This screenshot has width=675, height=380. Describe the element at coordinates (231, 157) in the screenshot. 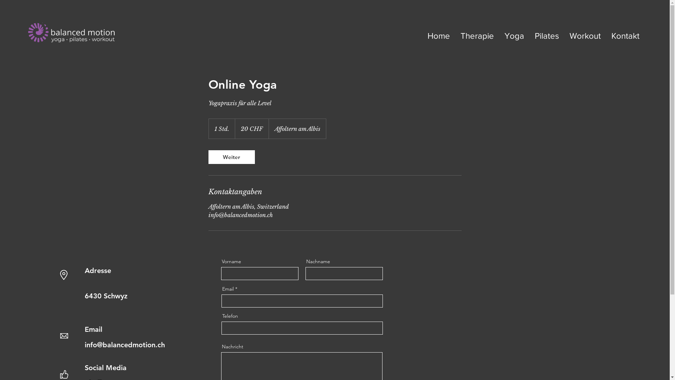

I see `'Weiter'` at that location.